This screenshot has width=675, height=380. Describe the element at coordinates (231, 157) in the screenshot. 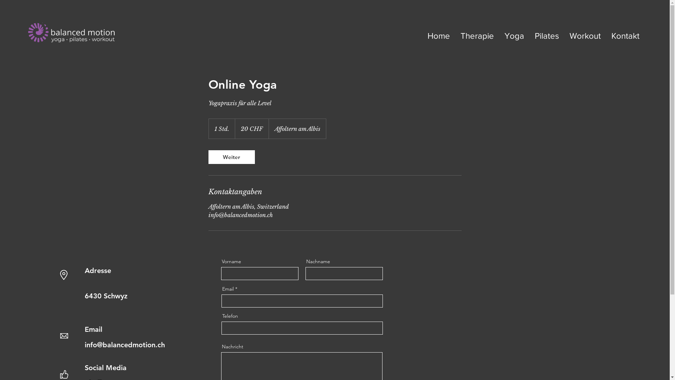

I see `'Weiter'` at that location.